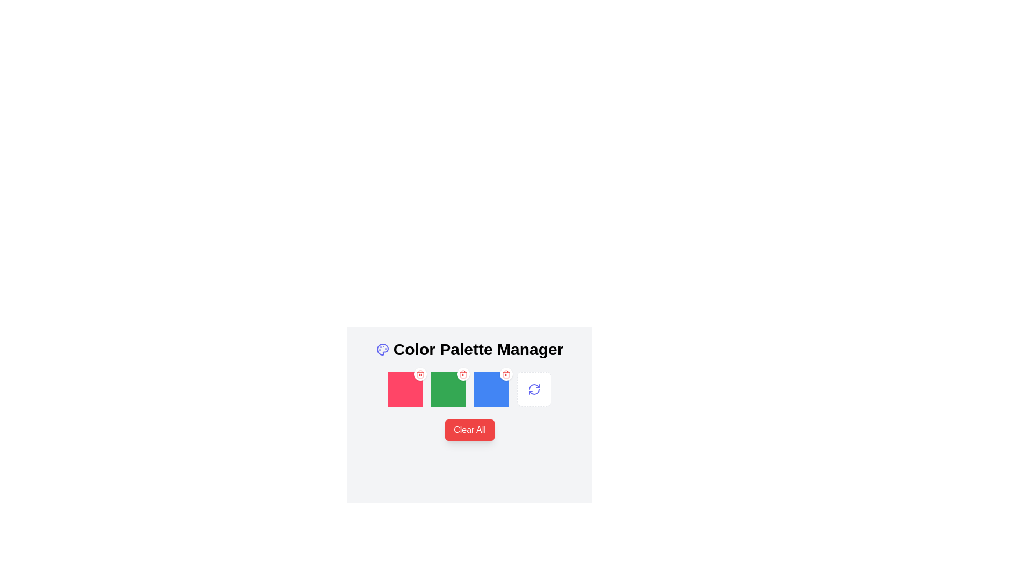 The height and width of the screenshot is (580, 1031). I want to click on the blue circular arrow refresh icon located in the fourth position under the 'Color Palette Manager' title, so click(534, 389).